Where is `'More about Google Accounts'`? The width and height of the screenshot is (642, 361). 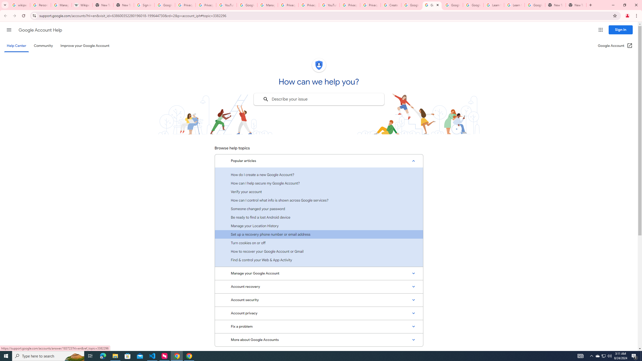
'More about Google Accounts' is located at coordinates (319, 340).